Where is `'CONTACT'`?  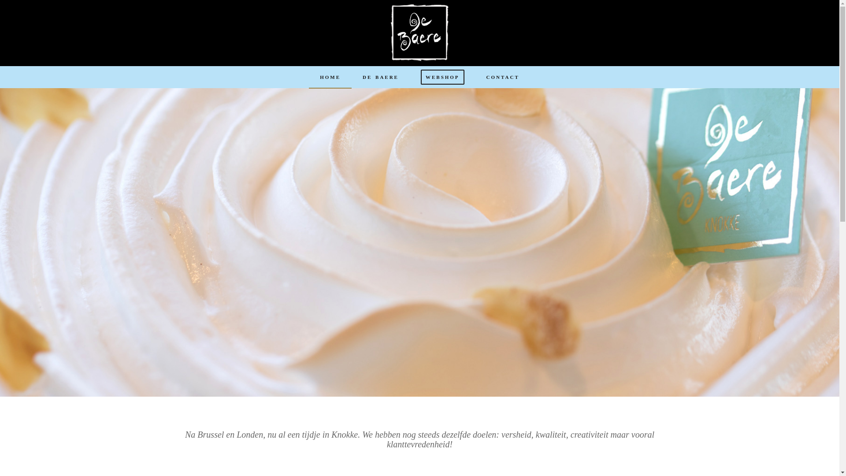 'CONTACT' is located at coordinates (503, 76).